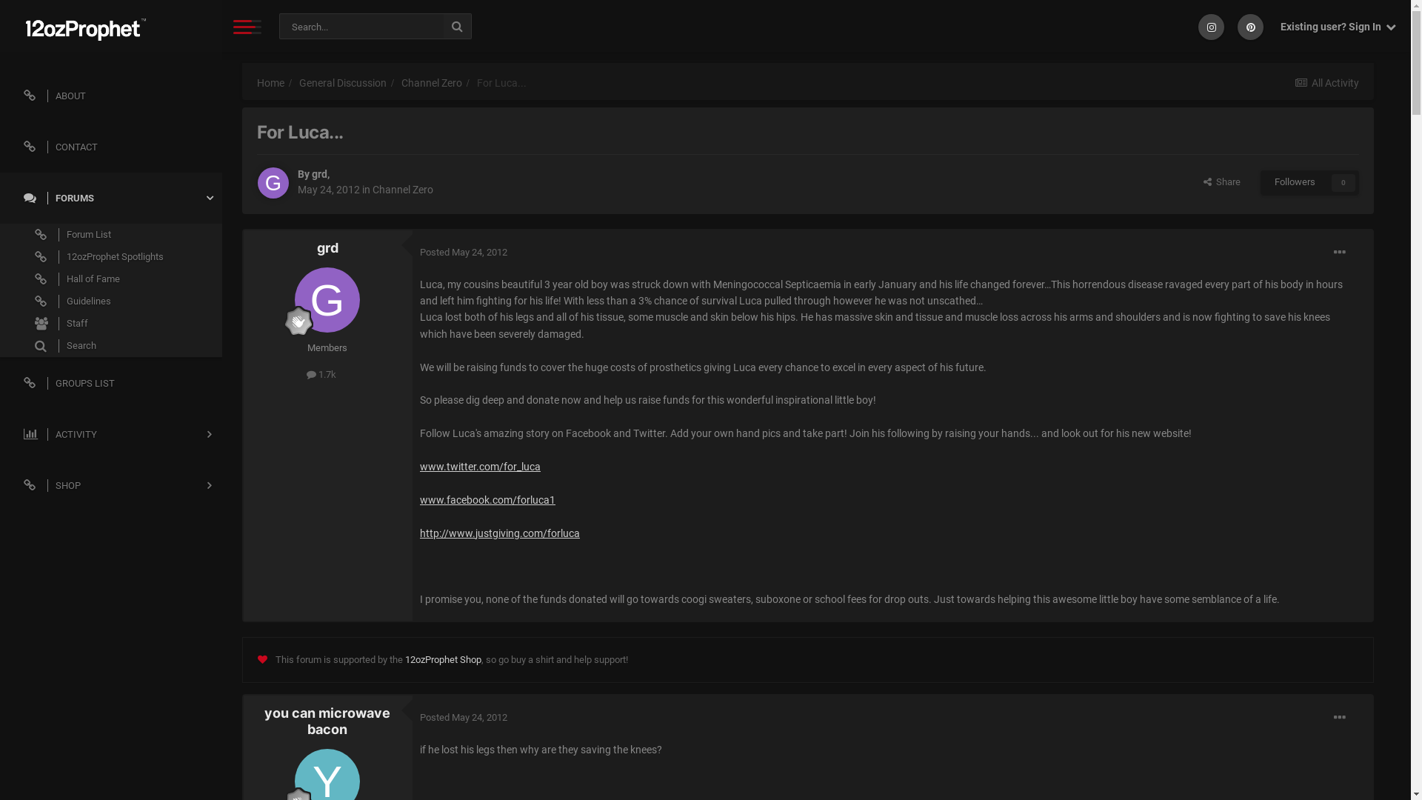  I want to click on 'Followers, so click(1309, 181).